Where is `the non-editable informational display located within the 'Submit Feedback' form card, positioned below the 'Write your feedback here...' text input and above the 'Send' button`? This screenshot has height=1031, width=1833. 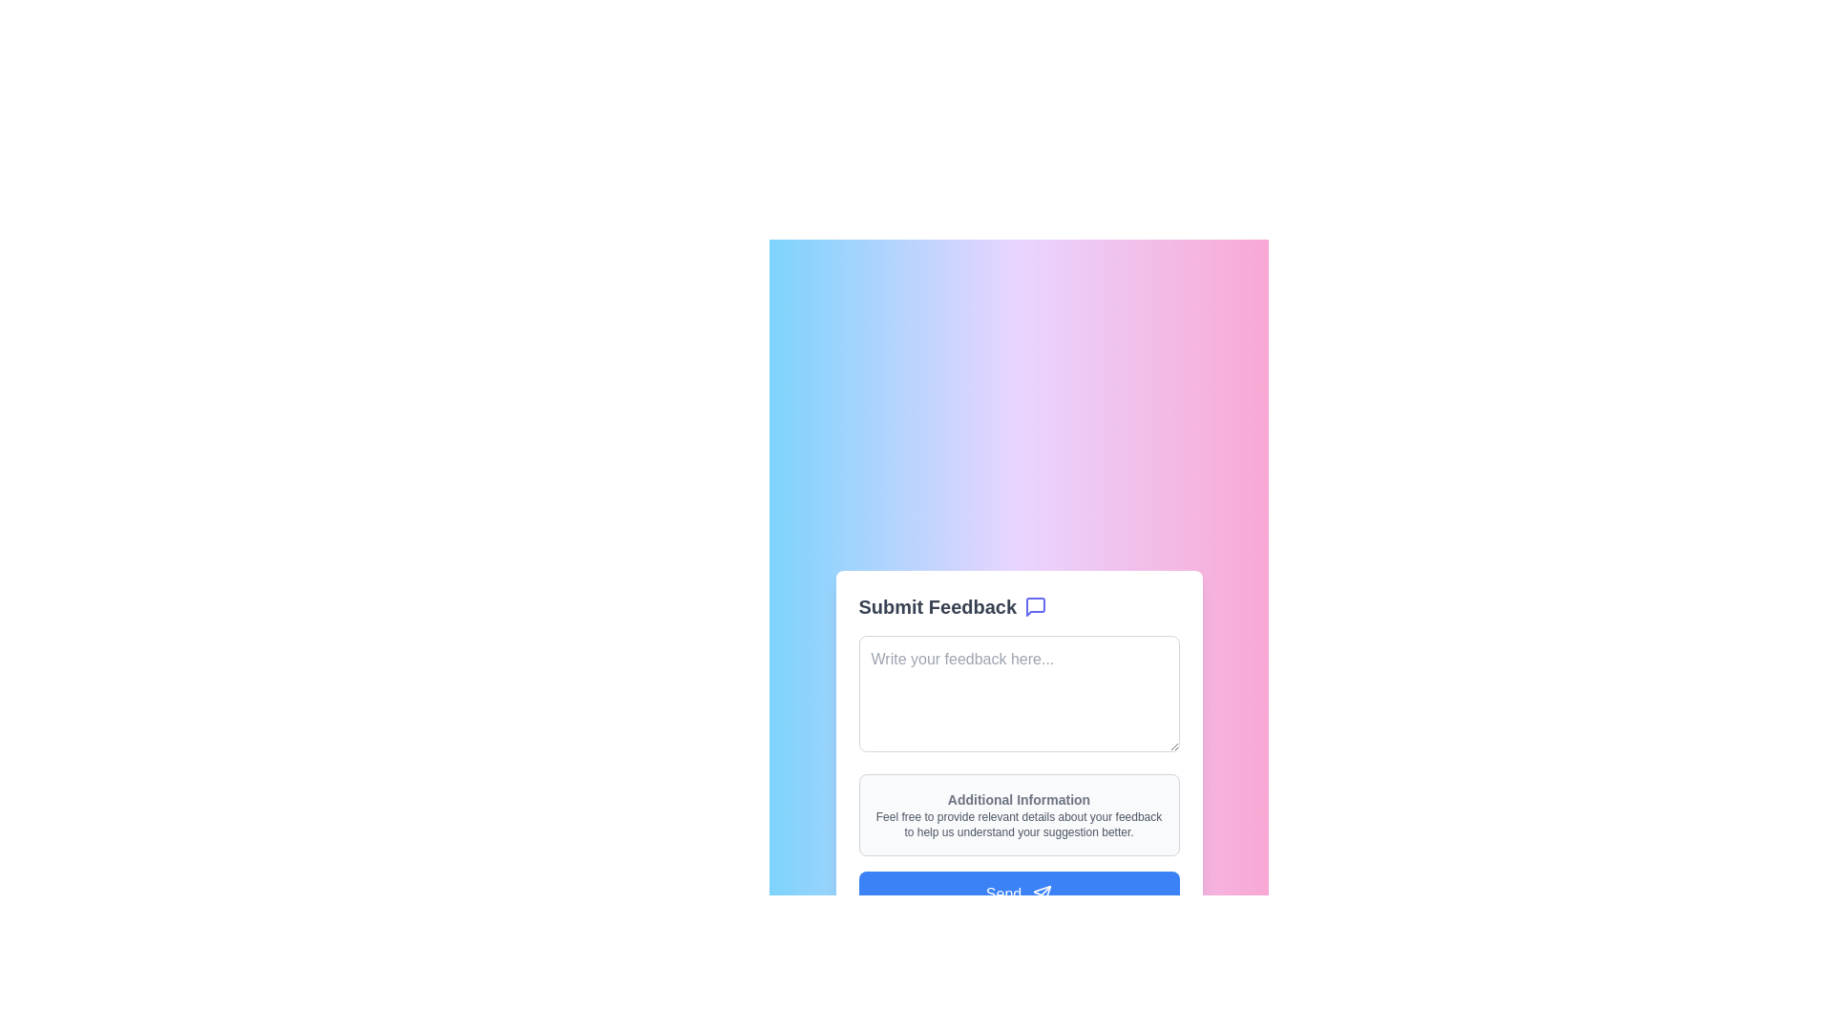 the non-editable informational display located within the 'Submit Feedback' form card, positioned below the 'Write your feedback here...' text input and above the 'Send' button is located at coordinates (1018, 814).